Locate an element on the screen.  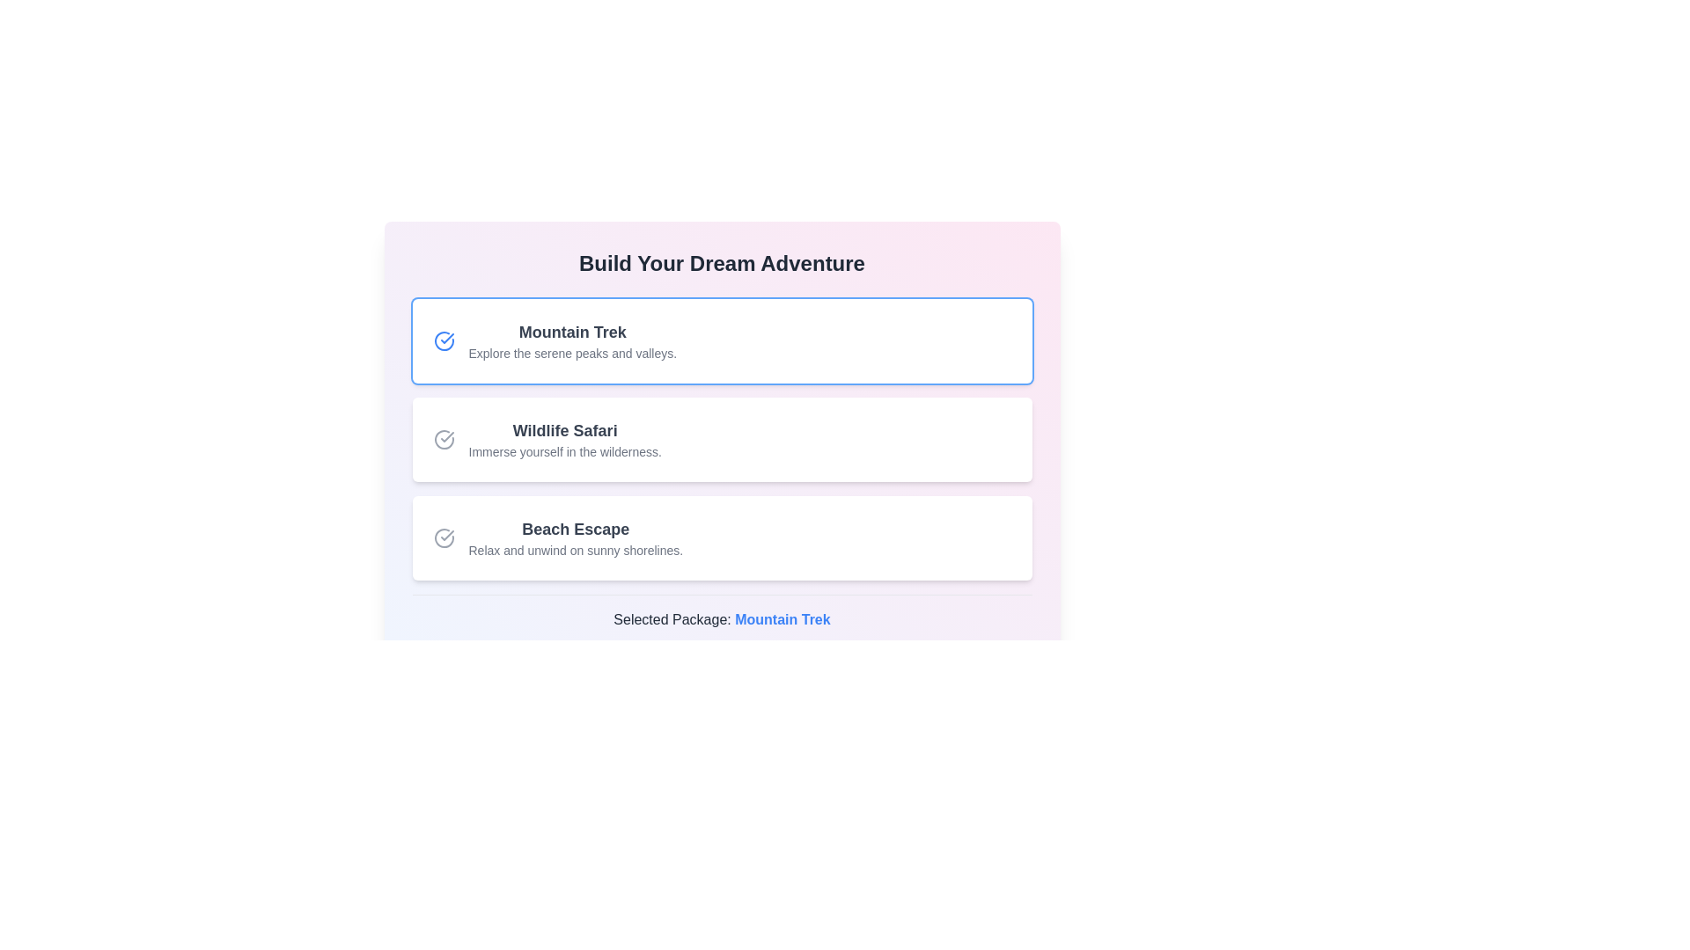
the blue circular icon with a tick mark located to the left of the text 'Mountain Trek' is located at coordinates (444, 341).